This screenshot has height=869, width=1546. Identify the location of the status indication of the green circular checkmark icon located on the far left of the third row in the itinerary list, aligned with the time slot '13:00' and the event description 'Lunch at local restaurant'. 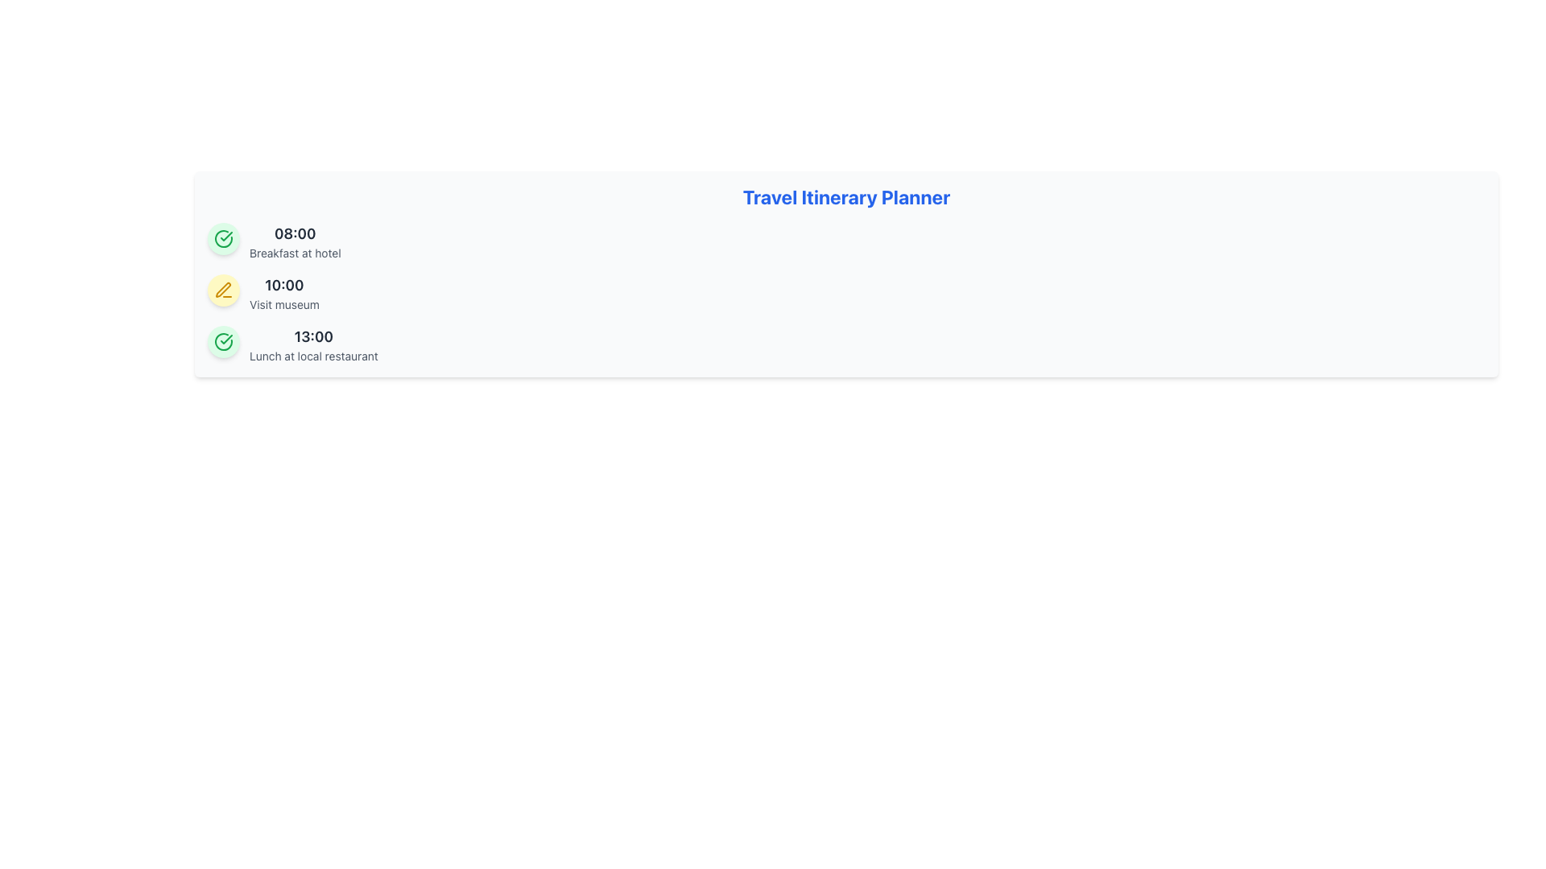
(223, 239).